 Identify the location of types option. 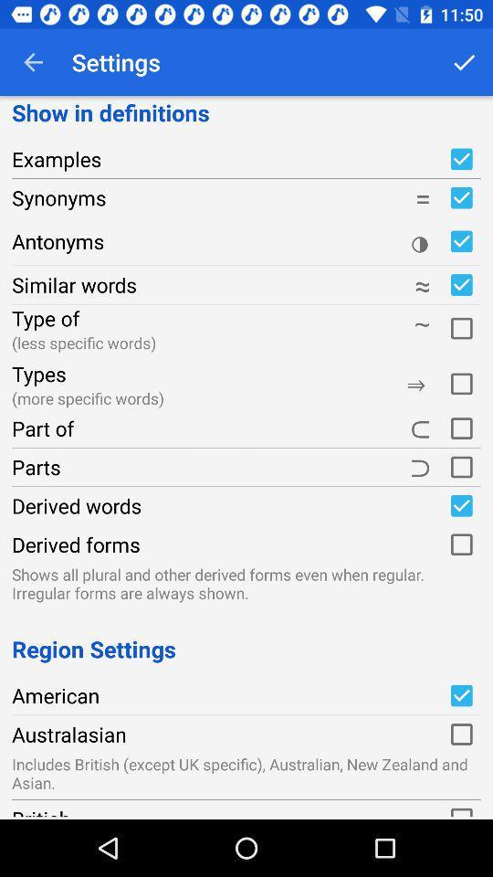
(460, 380).